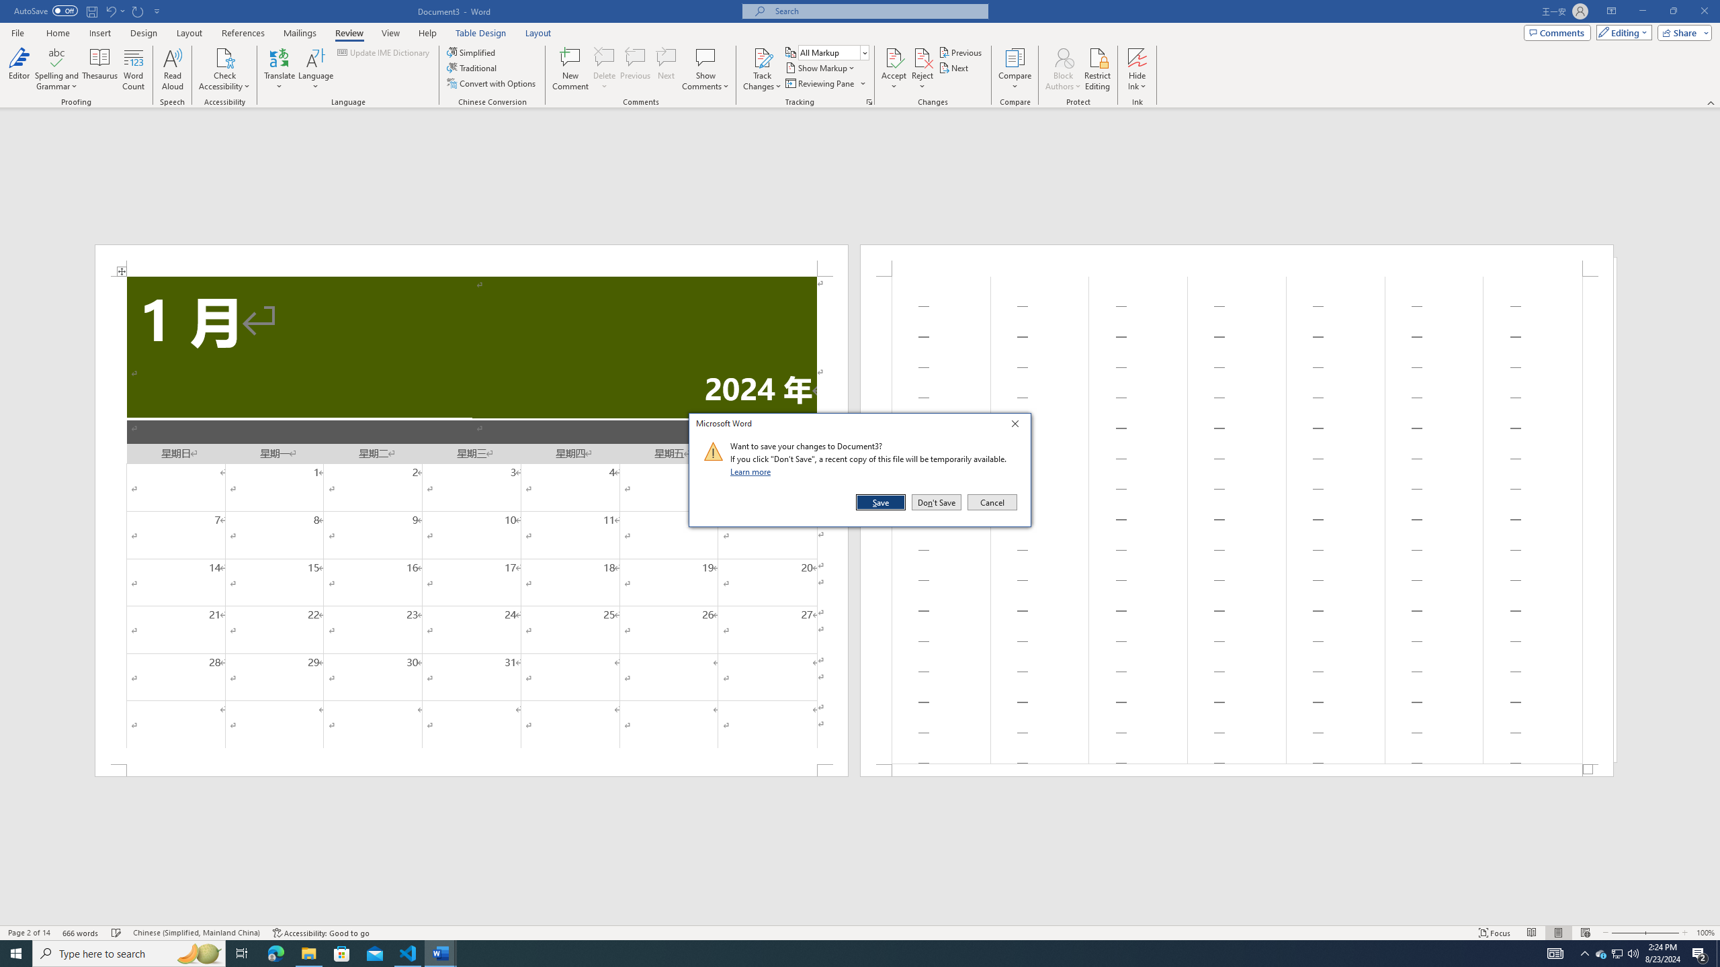  I want to click on 'Convert with Options...', so click(492, 82).